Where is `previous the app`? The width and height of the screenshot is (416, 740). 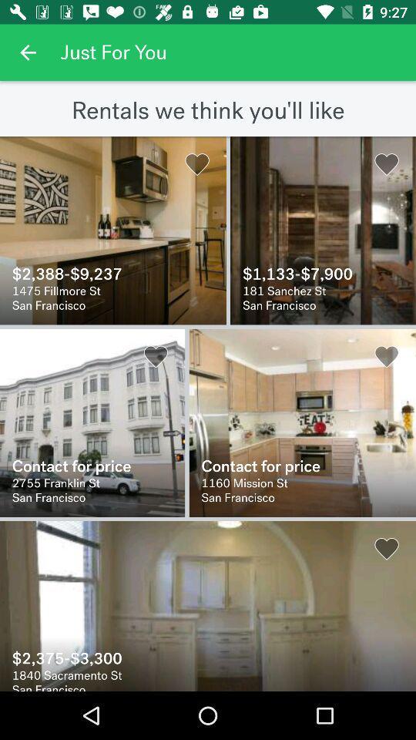 previous the app is located at coordinates (28, 52).